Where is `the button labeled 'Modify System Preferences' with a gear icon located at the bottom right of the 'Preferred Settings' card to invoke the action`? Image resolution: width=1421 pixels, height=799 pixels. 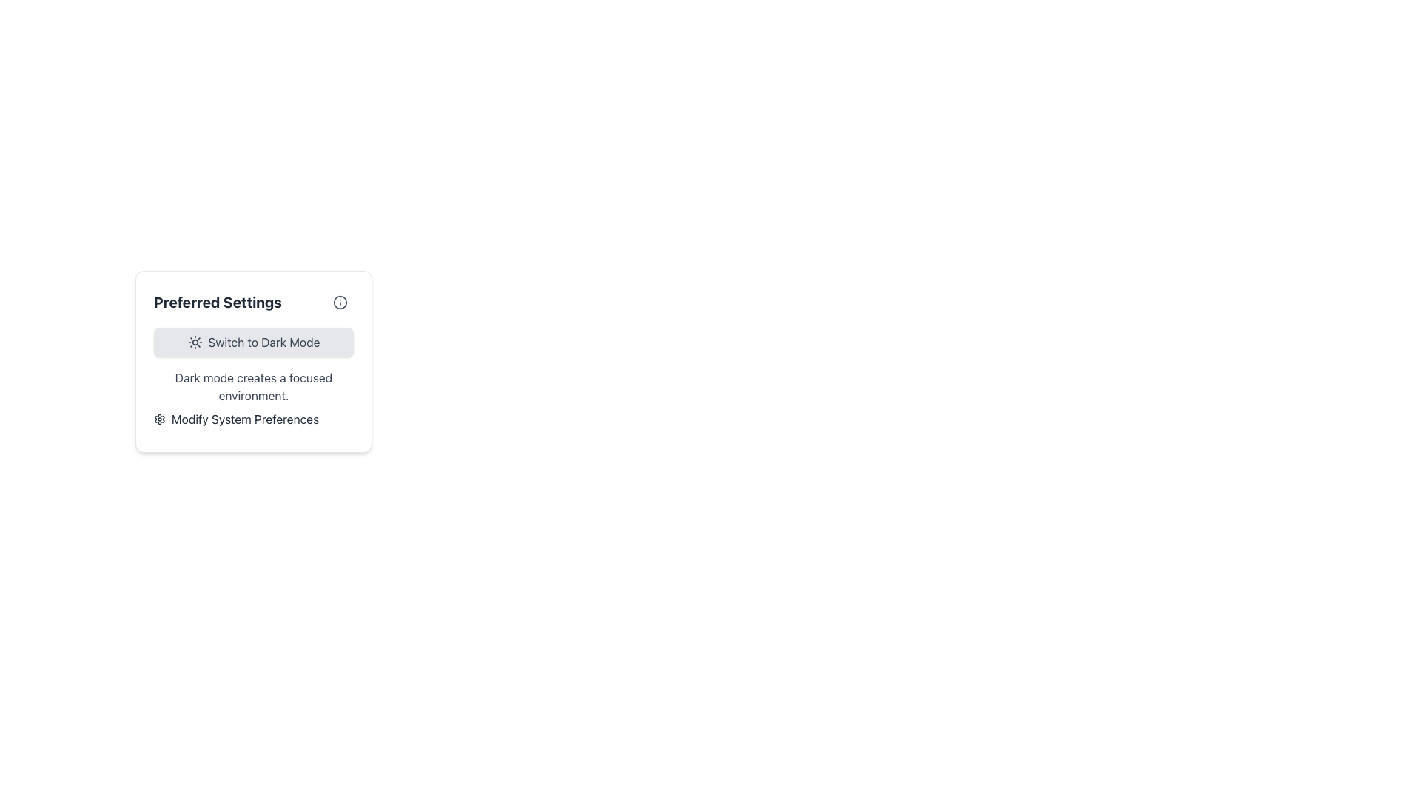 the button labeled 'Modify System Preferences' with a gear icon located at the bottom right of the 'Preferred Settings' card to invoke the action is located at coordinates (235, 419).